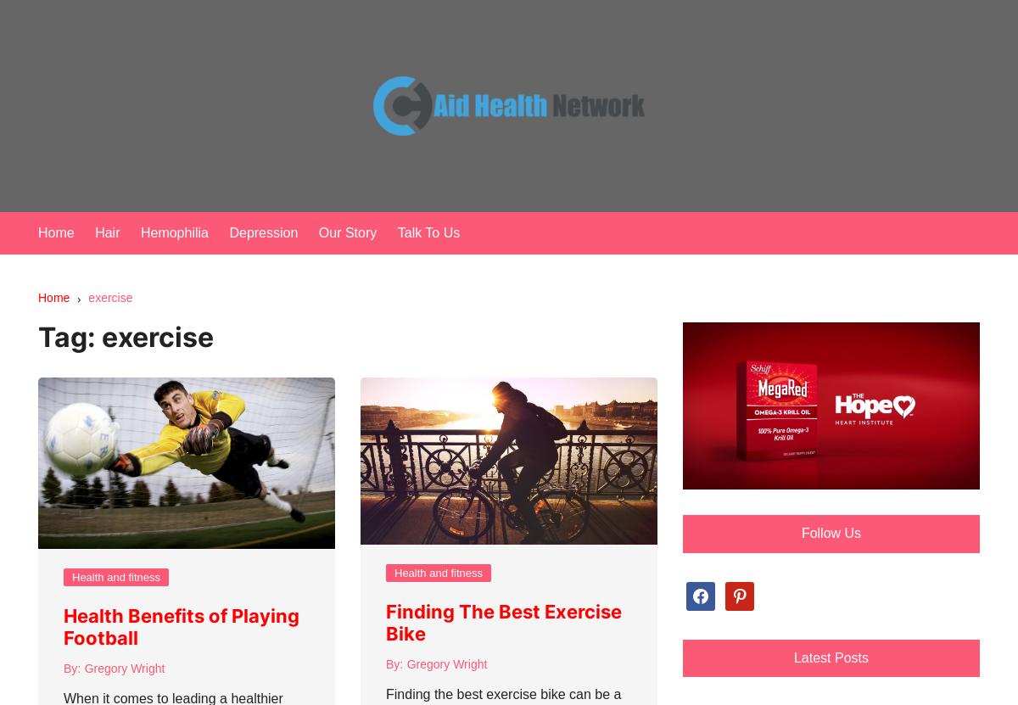 The image size is (1018, 705). I want to click on 'Hair', so click(94, 232).